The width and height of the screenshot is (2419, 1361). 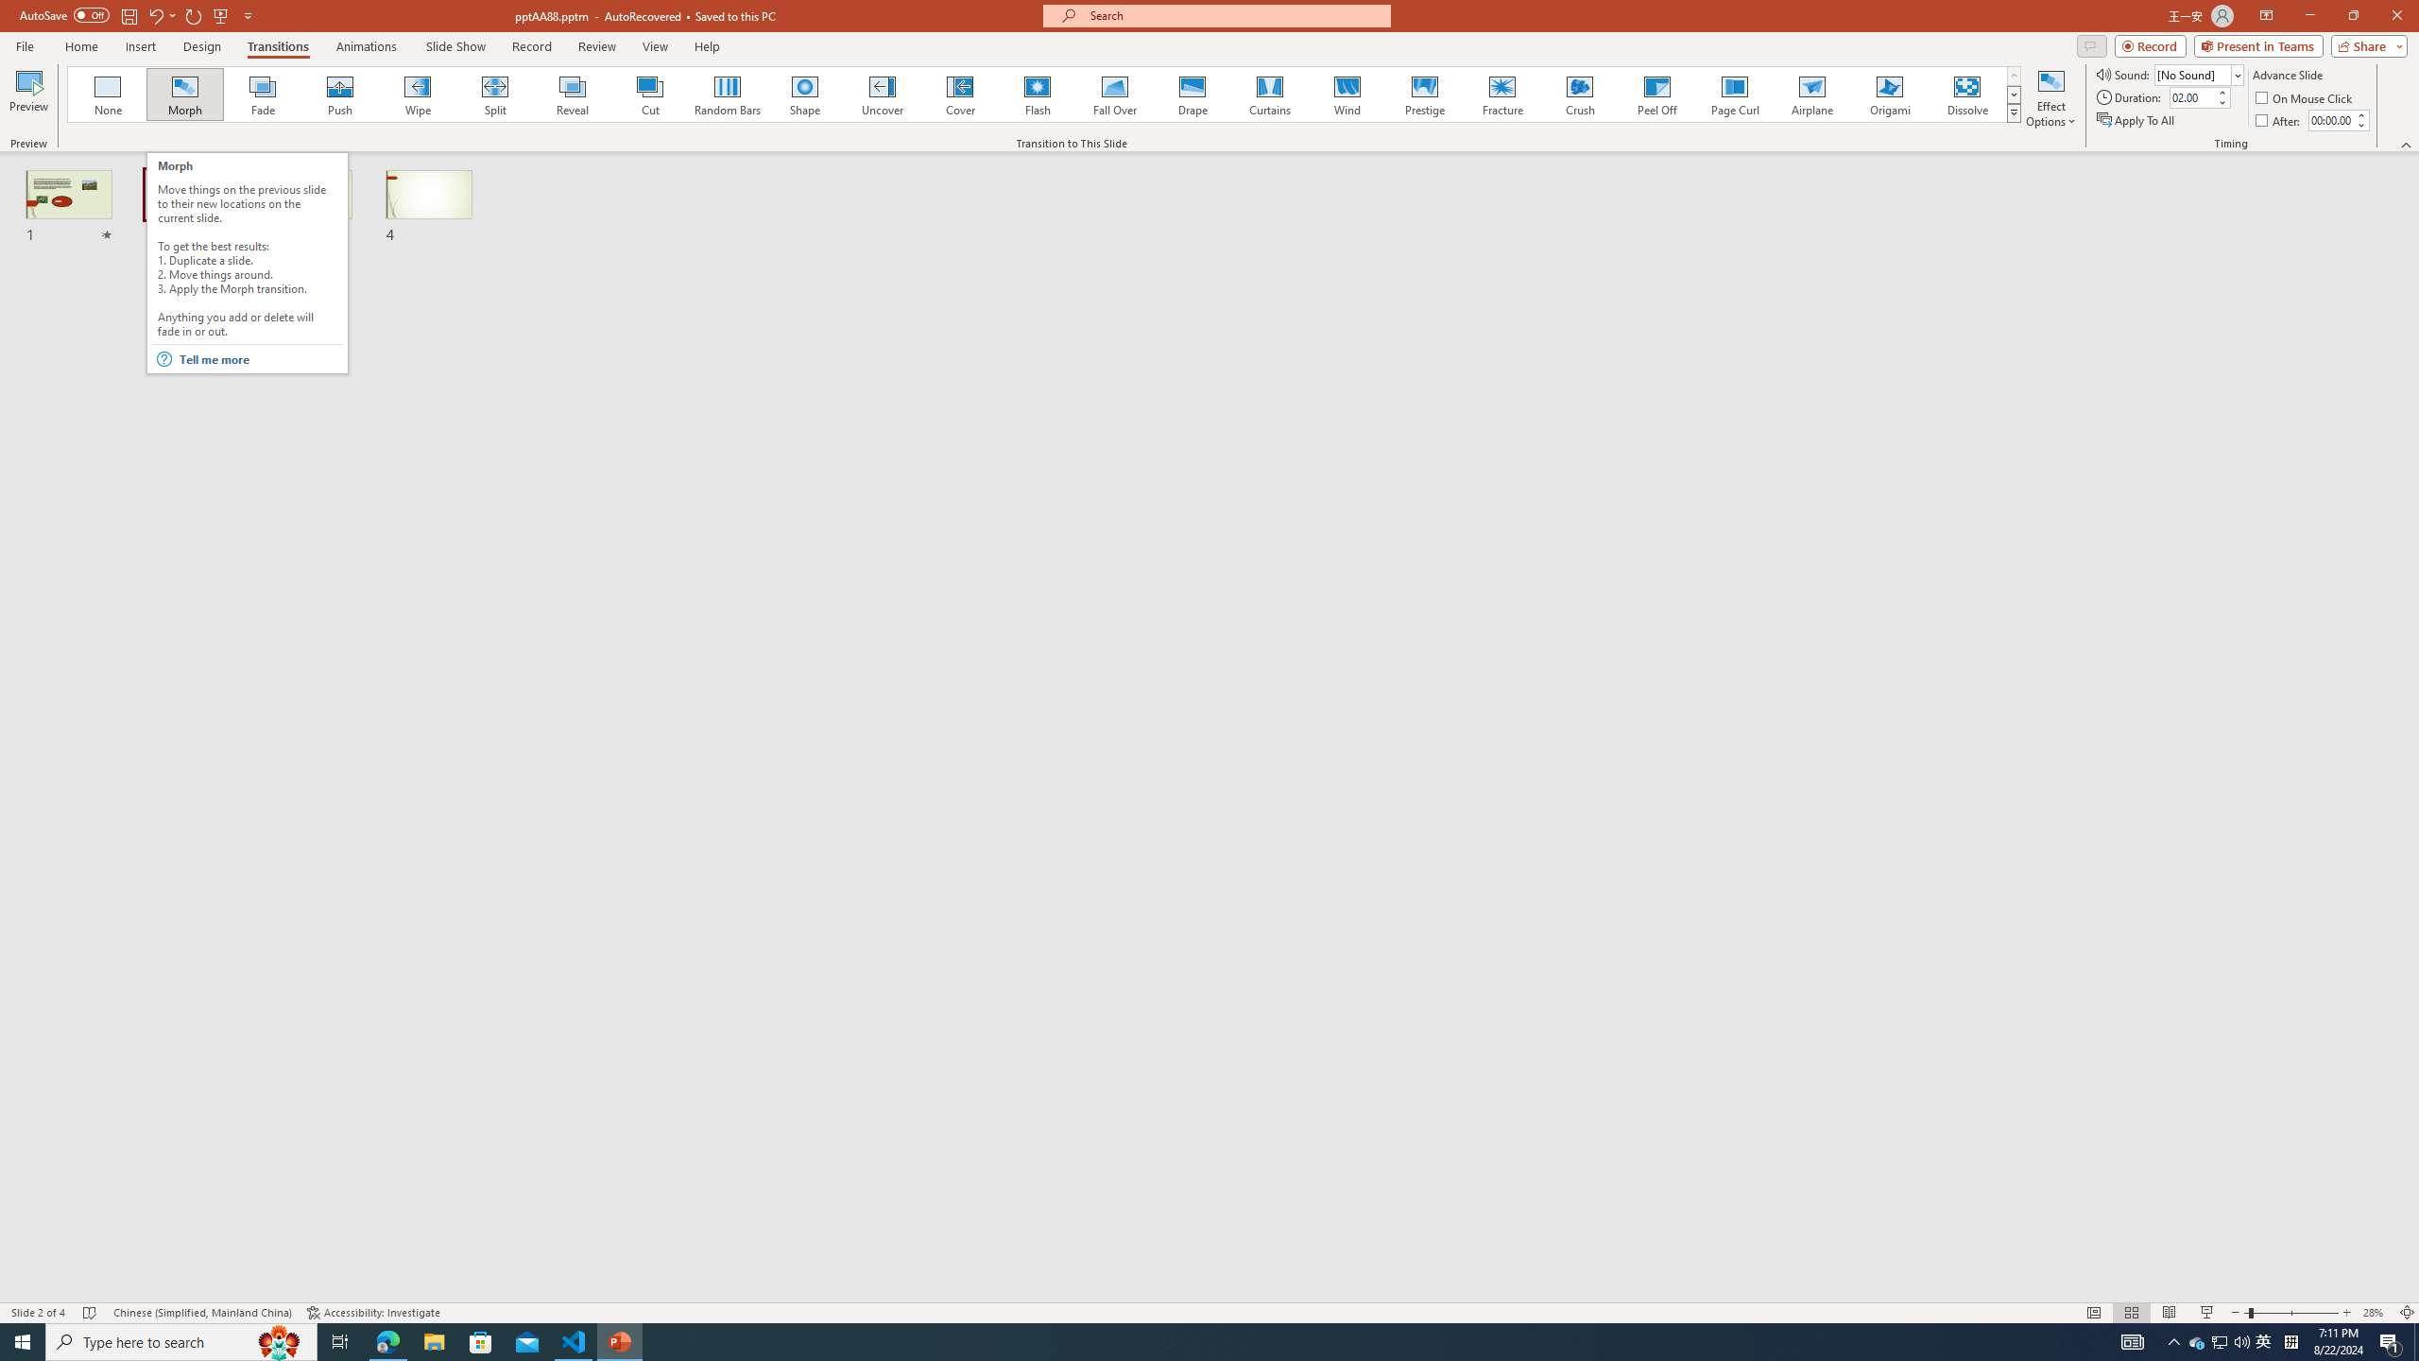 I want to click on 'Page Curl', so click(x=1733, y=94).